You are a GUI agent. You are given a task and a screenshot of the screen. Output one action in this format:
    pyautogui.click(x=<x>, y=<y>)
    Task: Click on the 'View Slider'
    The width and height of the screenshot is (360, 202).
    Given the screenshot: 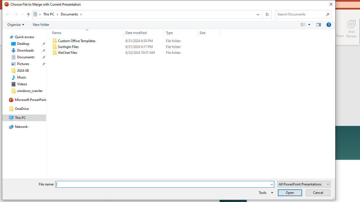 What is the action you would take?
    pyautogui.click(x=309, y=24)
    